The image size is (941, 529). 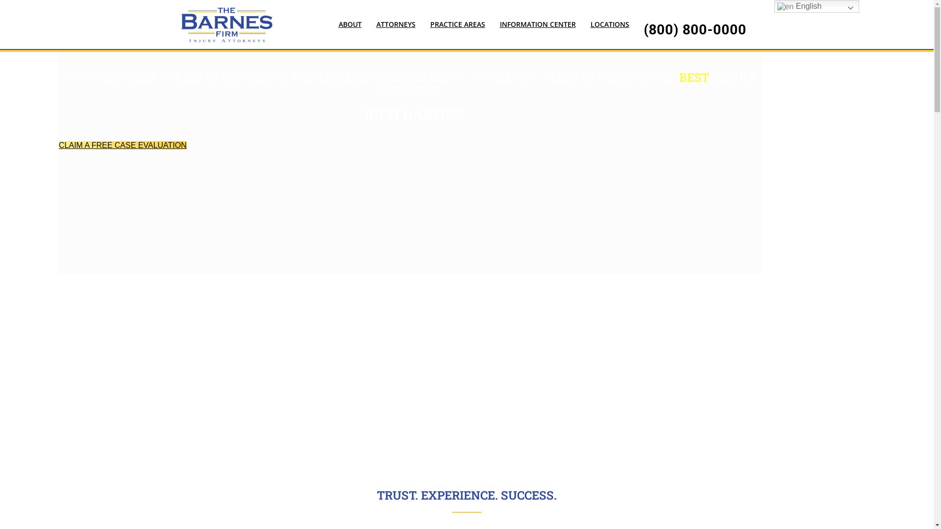 I want to click on 'ATTORNEYS', so click(x=395, y=24).